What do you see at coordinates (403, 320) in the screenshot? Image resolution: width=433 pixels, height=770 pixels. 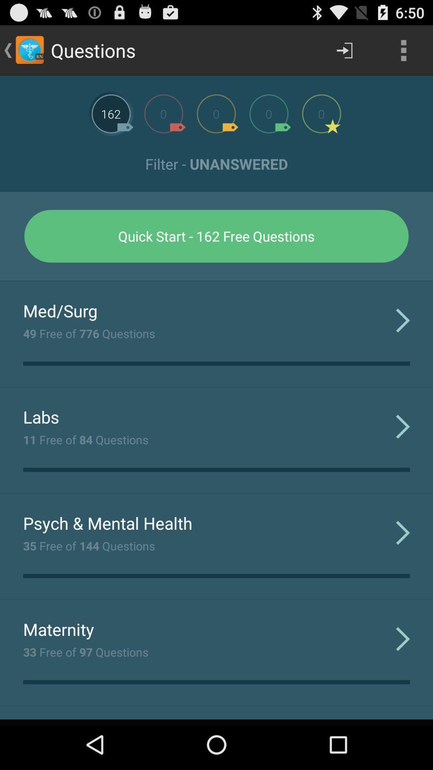 I see `item to the right of 49 free of item` at bounding box center [403, 320].